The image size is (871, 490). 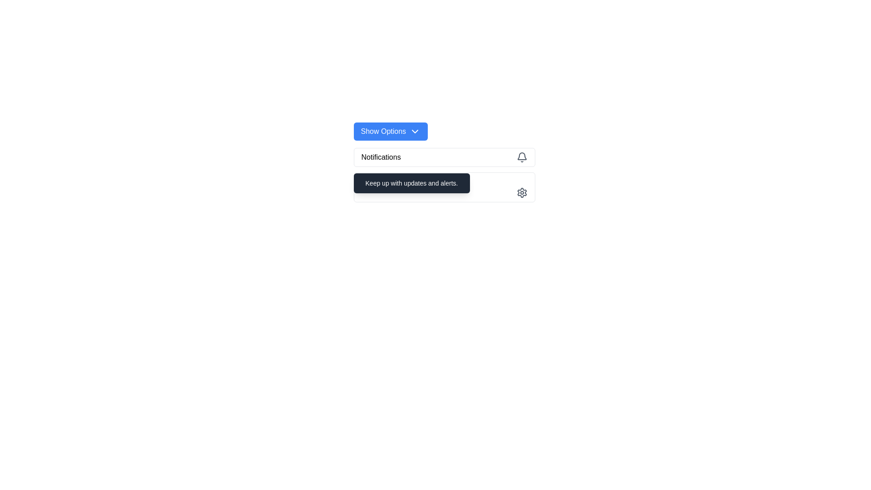 I want to click on the bell icon located at the top-right corner of the notifications box, so click(x=522, y=157).